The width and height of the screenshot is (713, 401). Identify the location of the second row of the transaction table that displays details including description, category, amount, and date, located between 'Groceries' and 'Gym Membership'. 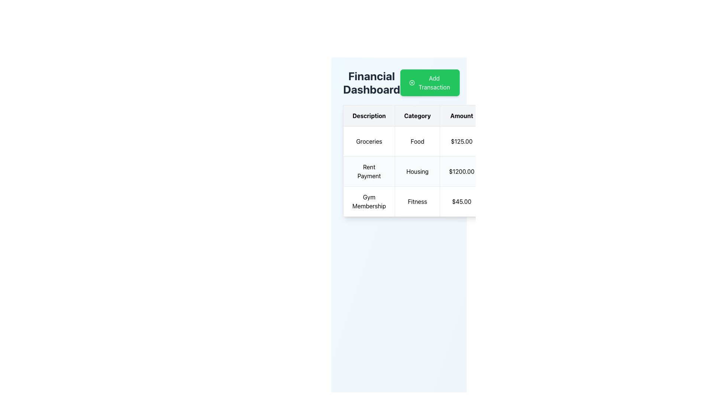
(454, 172).